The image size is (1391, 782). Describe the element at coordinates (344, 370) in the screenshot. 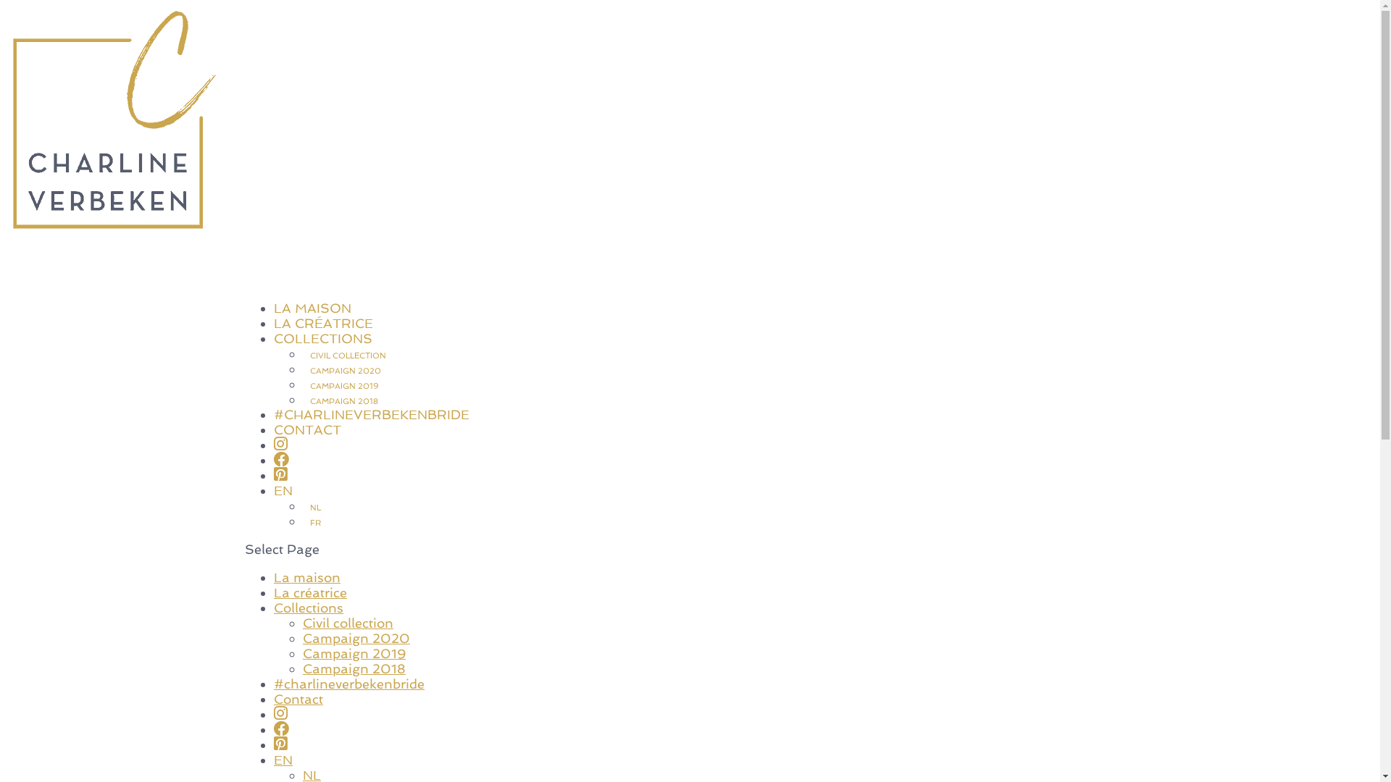

I see `'CAMPAIGN 2020'` at that location.